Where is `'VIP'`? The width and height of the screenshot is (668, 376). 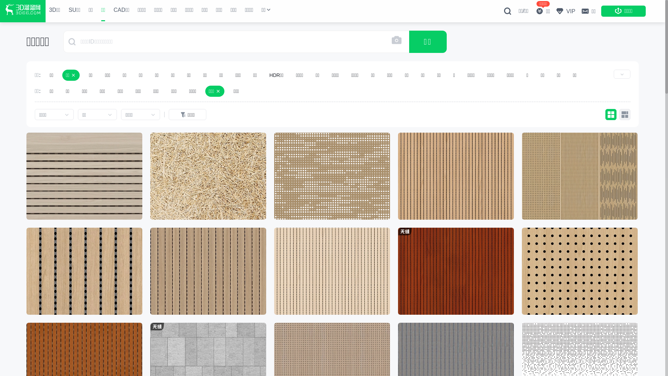
'VIP' is located at coordinates (565, 11).